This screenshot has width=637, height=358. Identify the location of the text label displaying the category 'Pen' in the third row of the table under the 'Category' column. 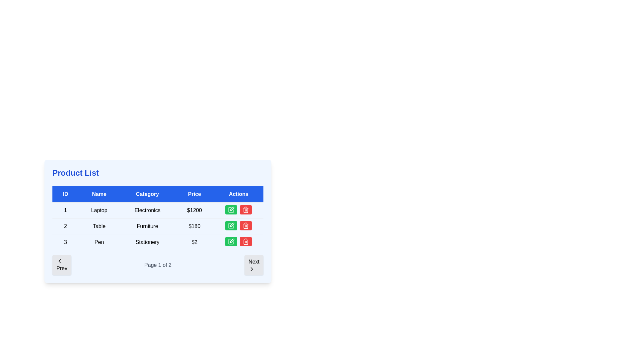
(147, 242).